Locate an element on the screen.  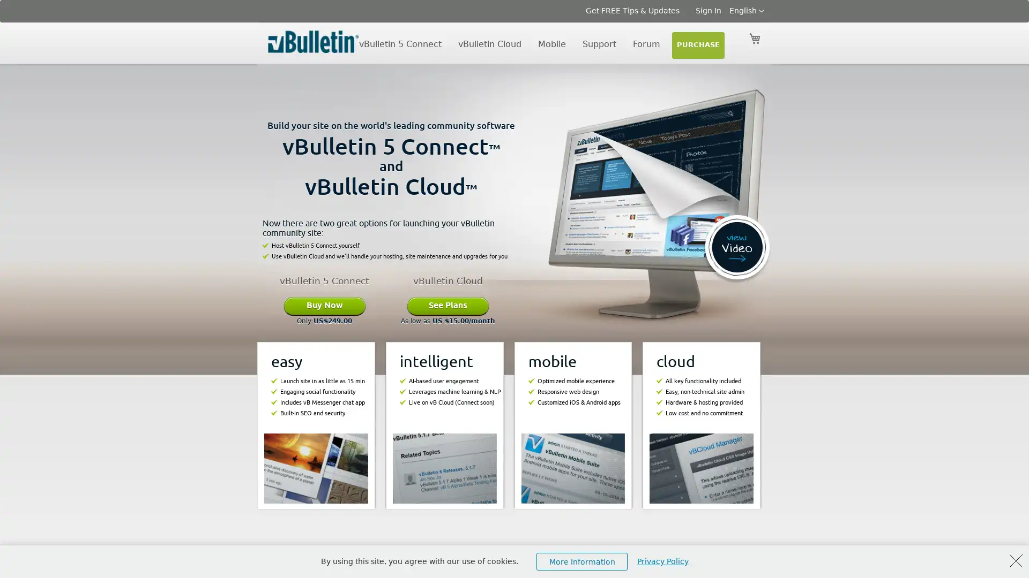
See Plans is located at coordinates (448, 305).